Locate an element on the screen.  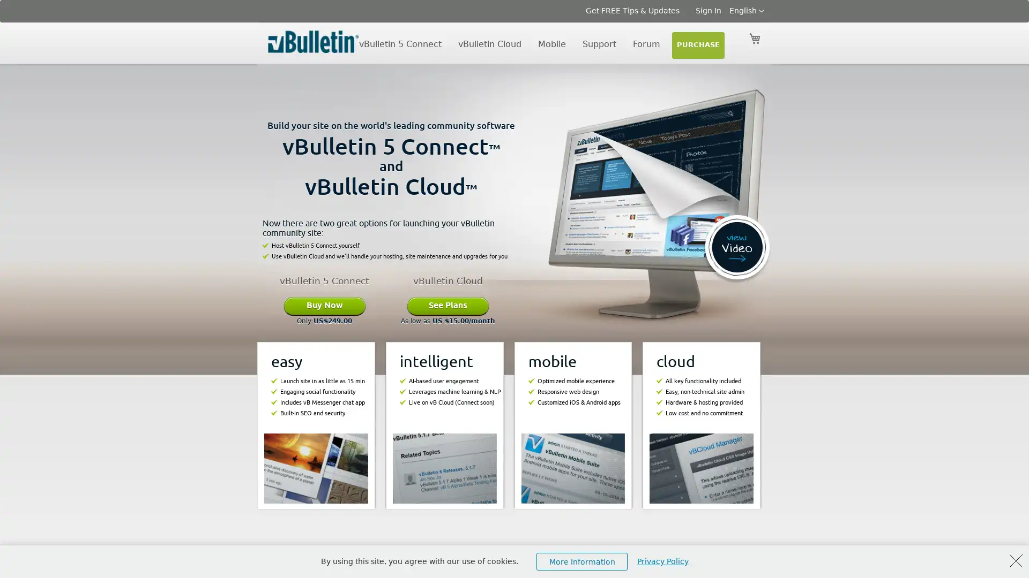
See Plans is located at coordinates (448, 305).